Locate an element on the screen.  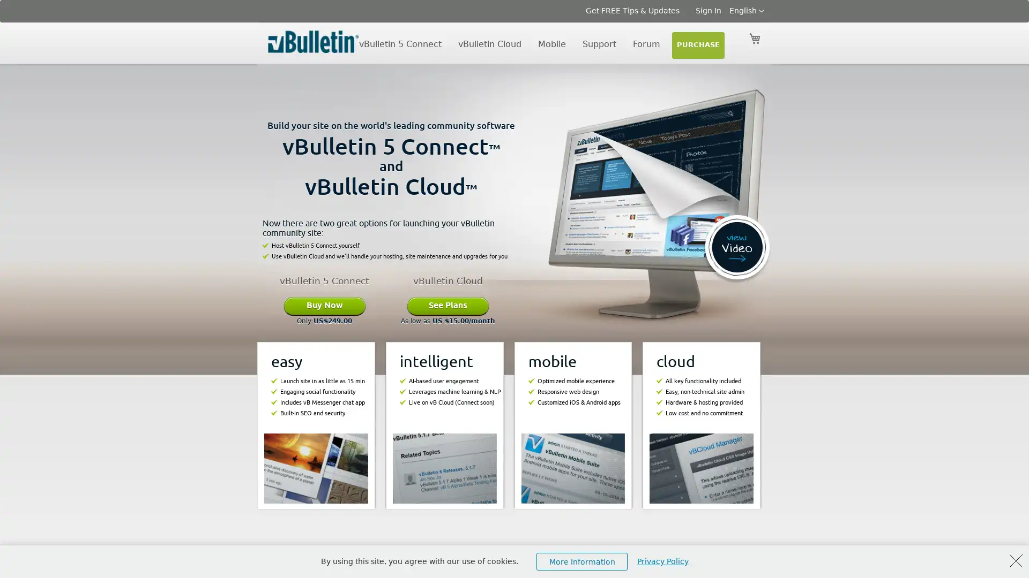
See Plans is located at coordinates (448, 305).